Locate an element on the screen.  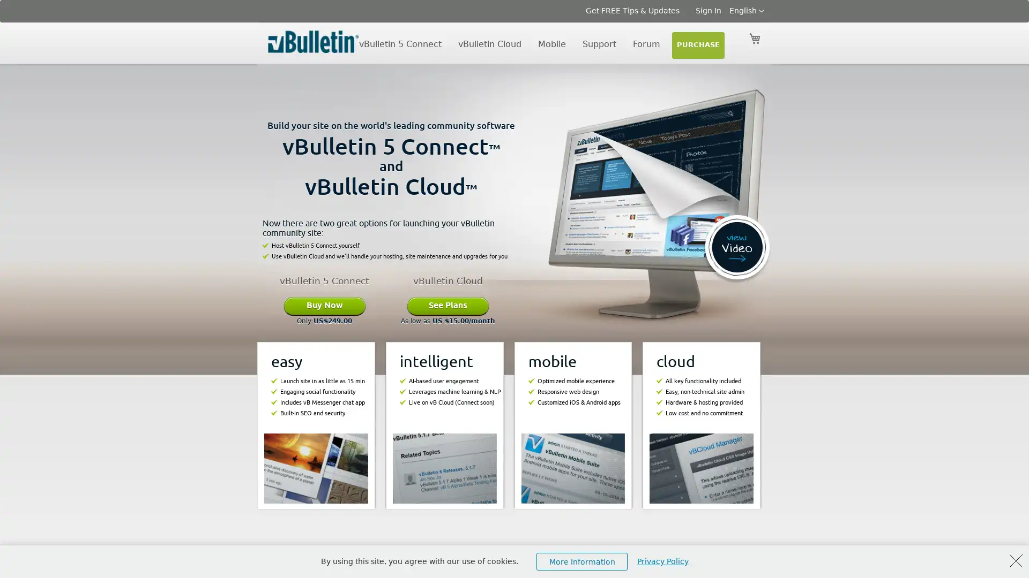
See Plans is located at coordinates (448, 305).